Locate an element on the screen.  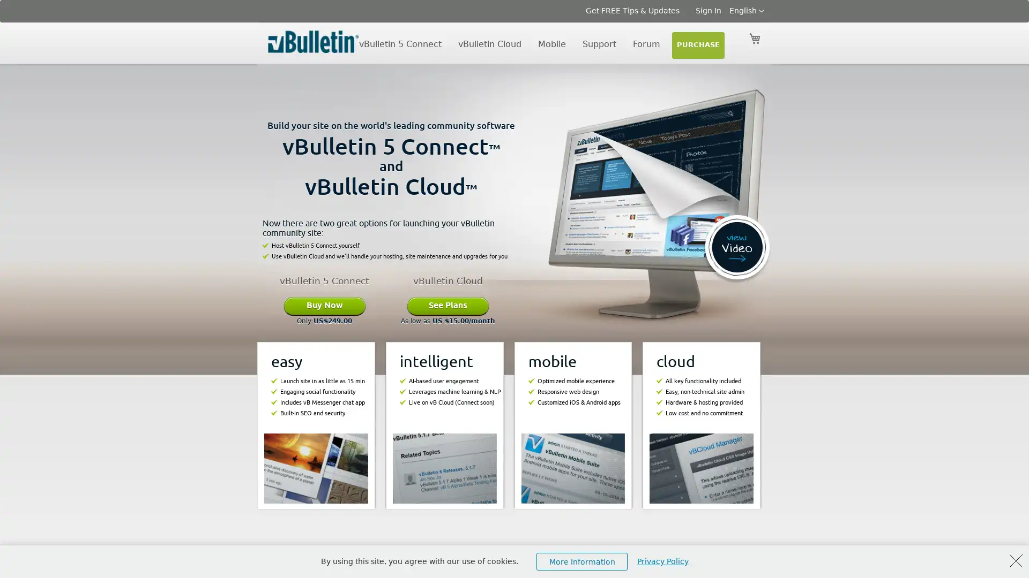
See Plans is located at coordinates (448, 305).